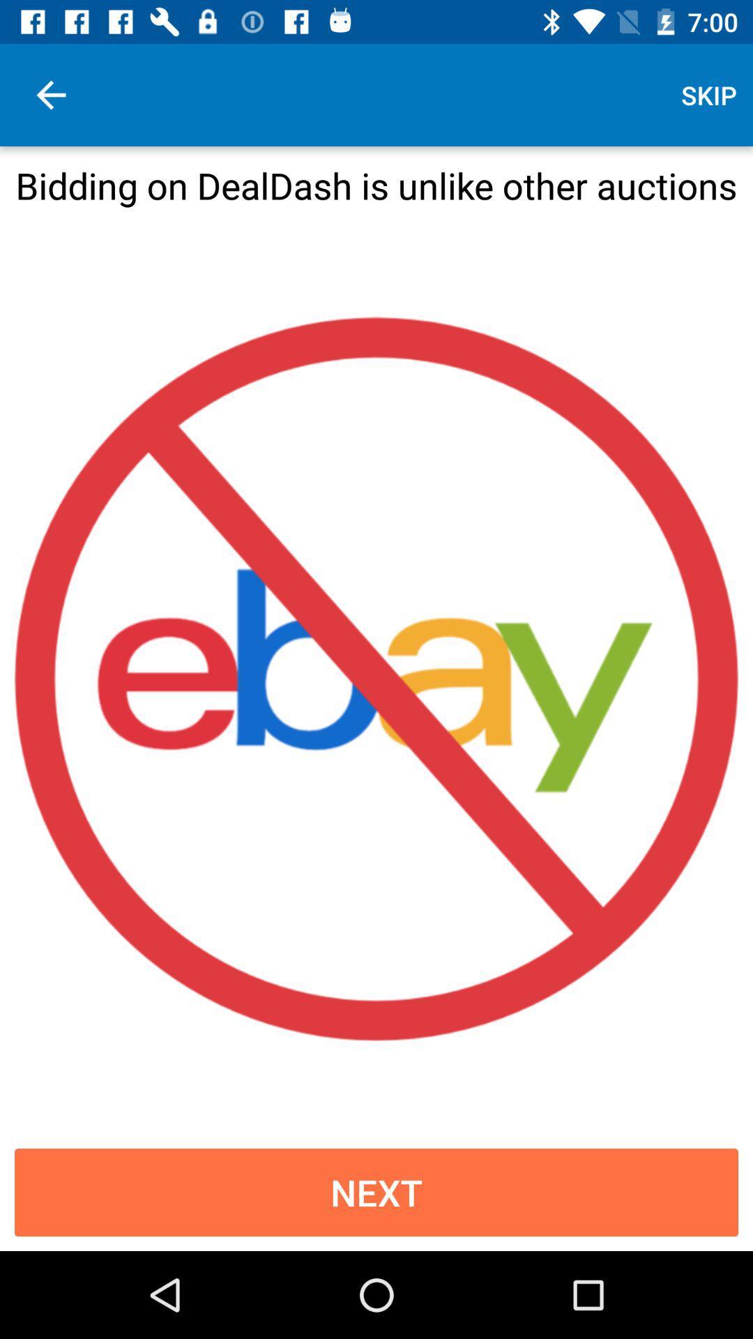  Describe the element at coordinates (709, 94) in the screenshot. I see `the skip at the top right corner` at that location.